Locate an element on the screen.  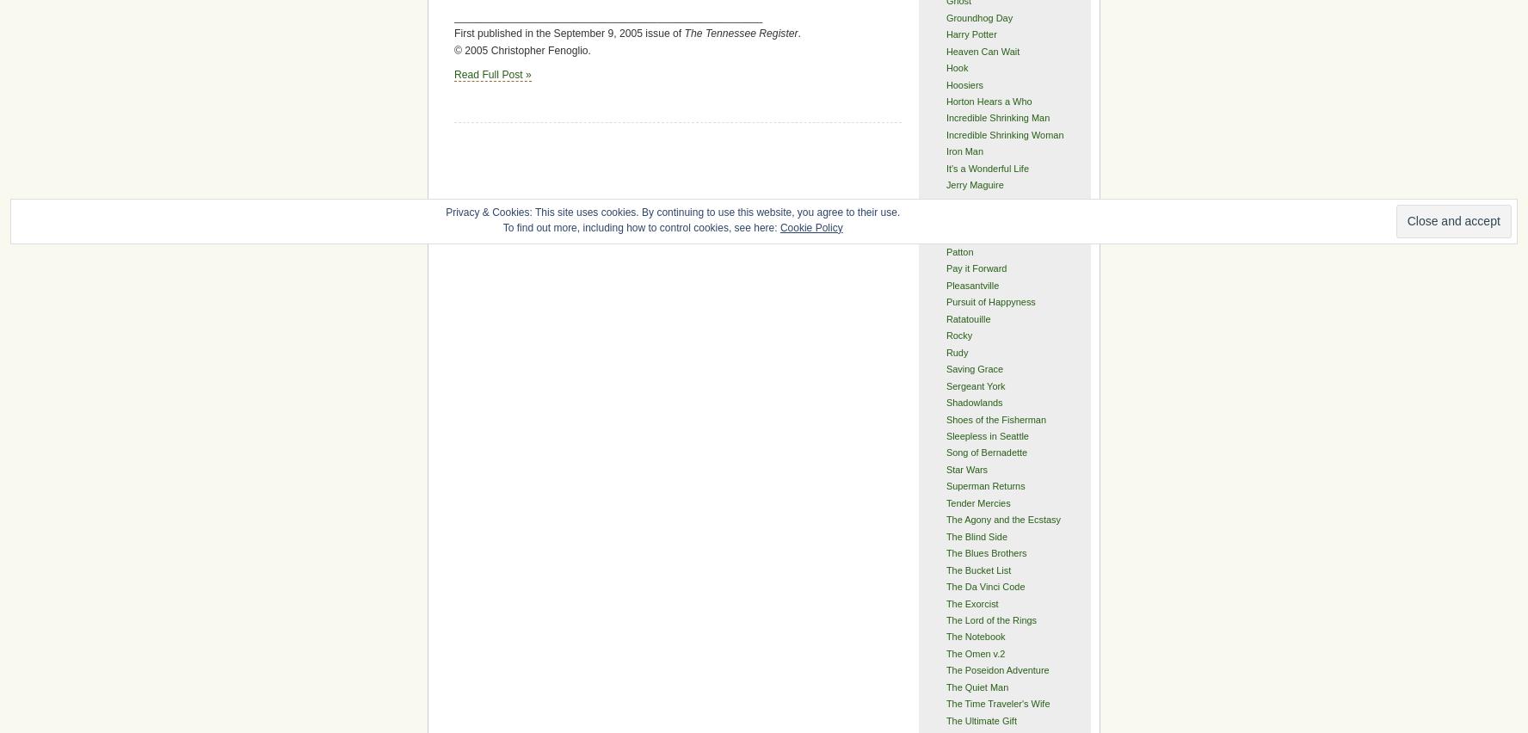
'Incredible Shrinking Woman' is located at coordinates (1004, 133).